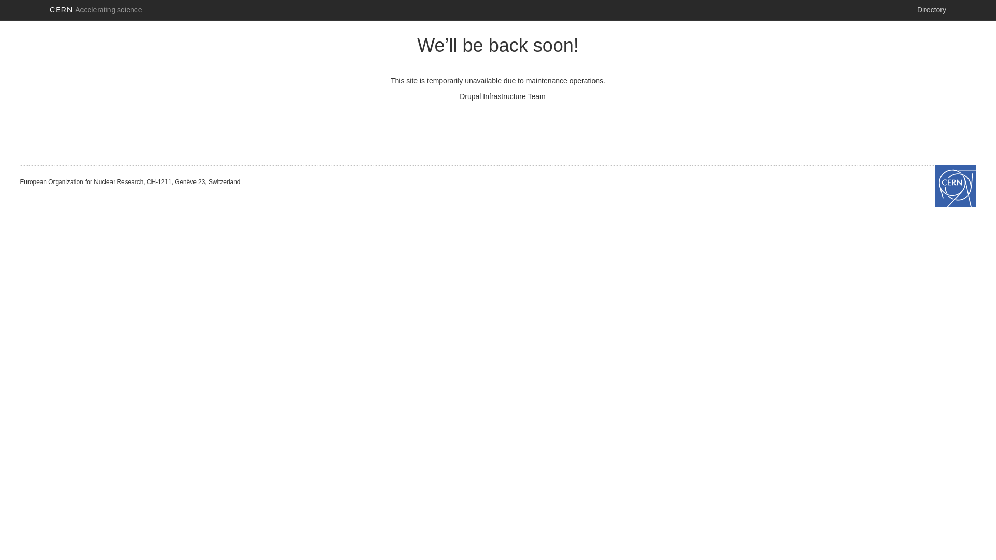 This screenshot has height=560, width=996. Describe the element at coordinates (931, 10) in the screenshot. I see `'Directory'` at that location.